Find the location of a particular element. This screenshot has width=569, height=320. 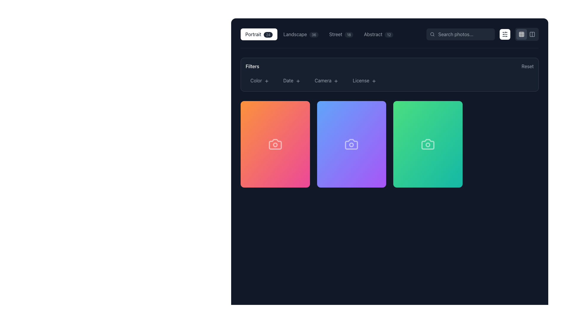

the small rectangular shape with rounded corners, styled as part of the SVG icon in the top-right section of the interface is located at coordinates (532, 34).